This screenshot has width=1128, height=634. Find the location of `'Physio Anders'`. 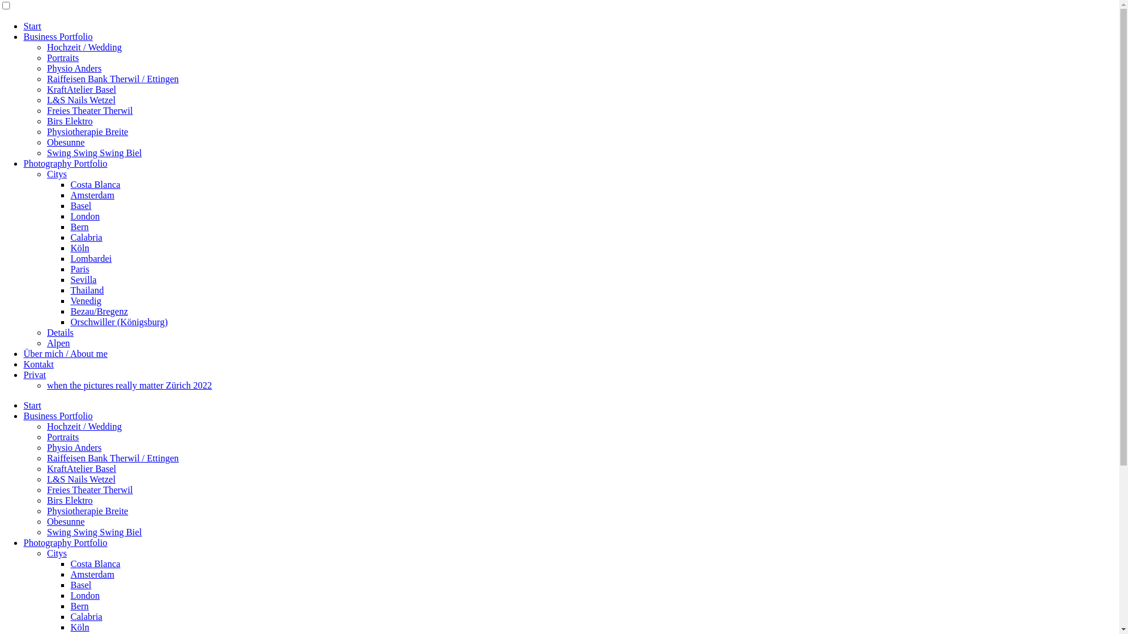

'Physio Anders' is located at coordinates (73, 68).